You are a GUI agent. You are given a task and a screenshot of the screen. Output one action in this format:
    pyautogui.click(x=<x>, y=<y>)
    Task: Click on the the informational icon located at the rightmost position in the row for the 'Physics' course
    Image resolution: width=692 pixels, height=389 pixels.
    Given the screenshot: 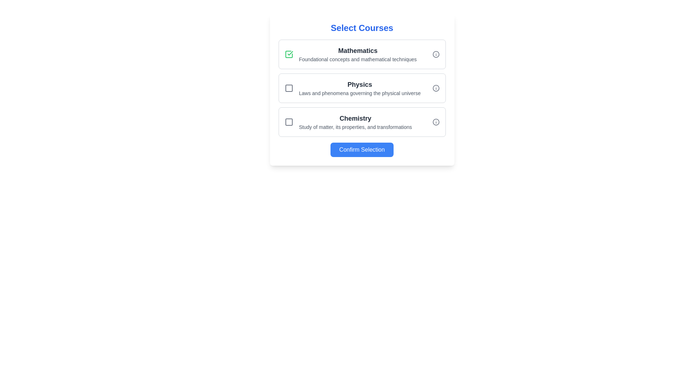 What is the action you would take?
    pyautogui.click(x=435, y=88)
    